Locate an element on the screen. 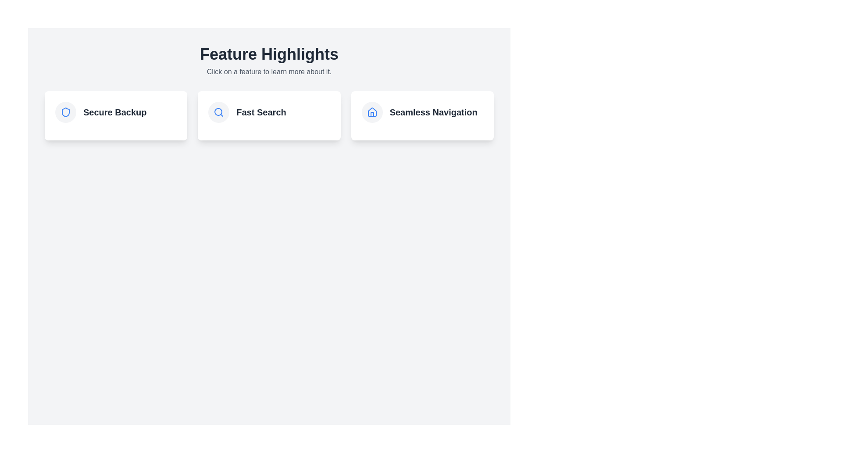 This screenshot has height=474, width=842. the 'Fast Search' card, which is the second card in a horizontal list is located at coordinates (269, 115).